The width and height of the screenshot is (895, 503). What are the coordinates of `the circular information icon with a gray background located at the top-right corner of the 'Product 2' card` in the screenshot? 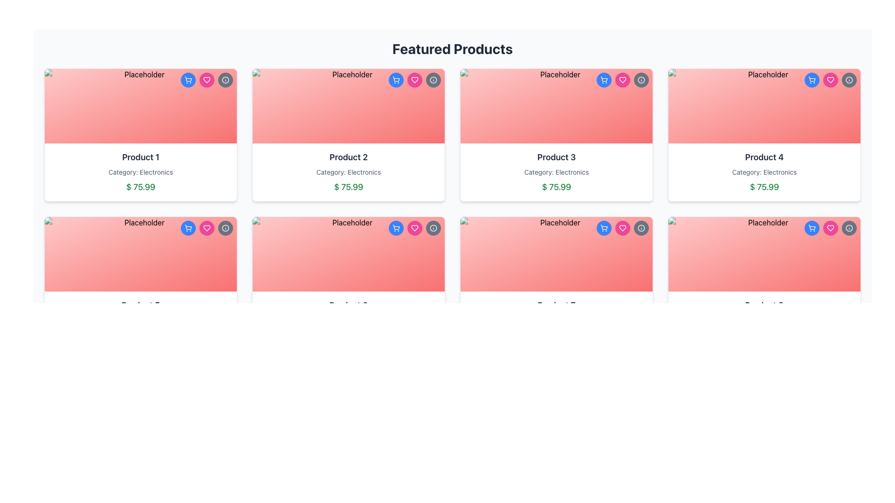 It's located at (433, 228).